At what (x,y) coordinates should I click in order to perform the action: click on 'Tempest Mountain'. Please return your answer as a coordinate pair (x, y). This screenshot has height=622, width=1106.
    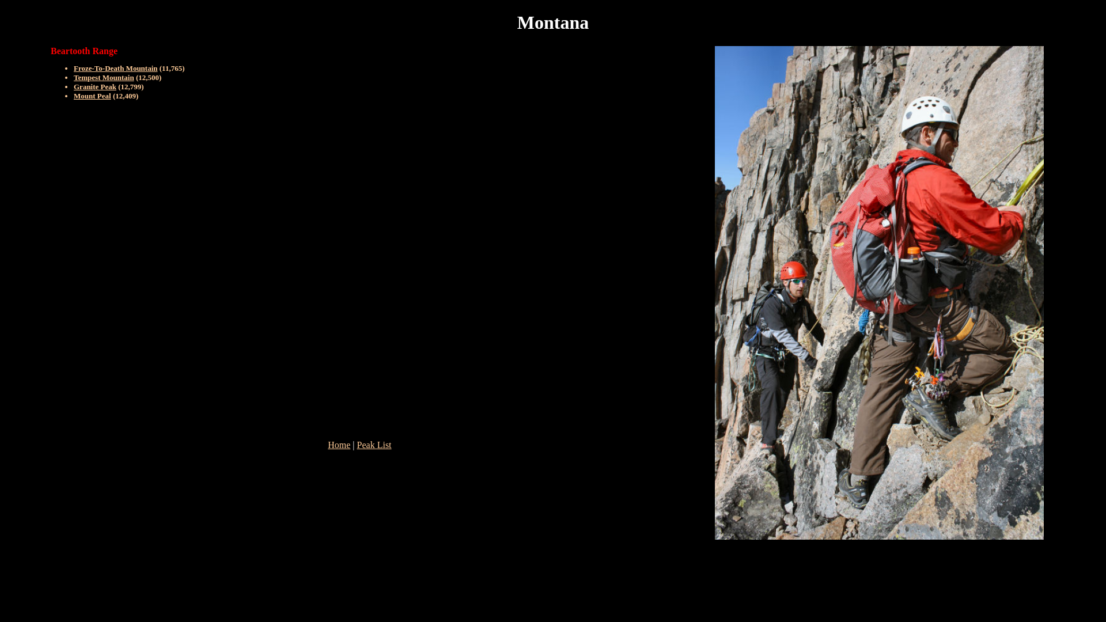
    Looking at the image, I should click on (104, 77).